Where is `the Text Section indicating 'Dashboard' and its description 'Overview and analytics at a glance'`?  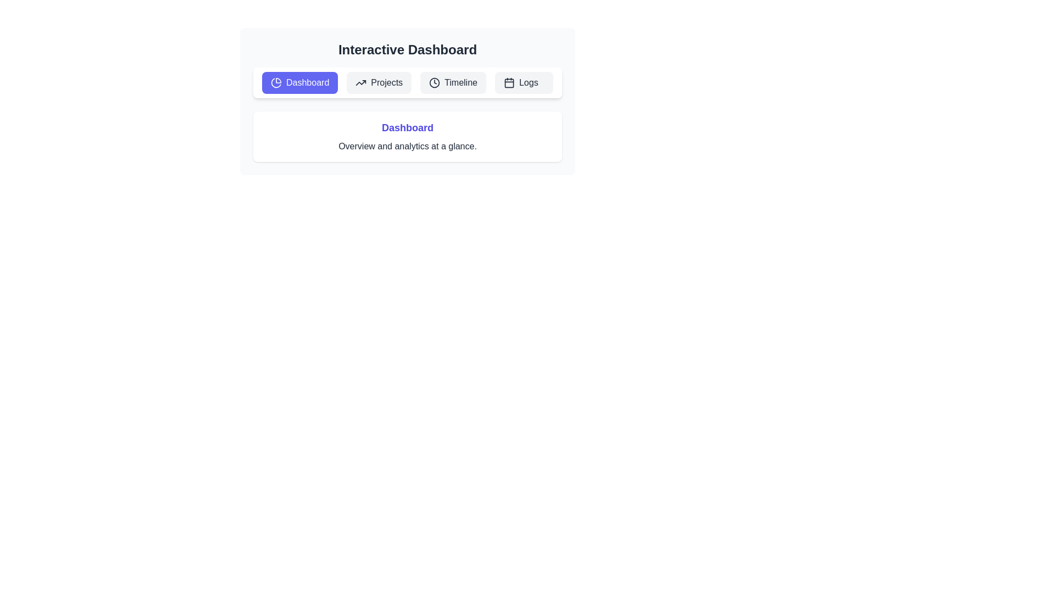
the Text Section indicating 'Dashboard' and its description 'Overview and analytics at a glance' is located at coordinates (407, 136).